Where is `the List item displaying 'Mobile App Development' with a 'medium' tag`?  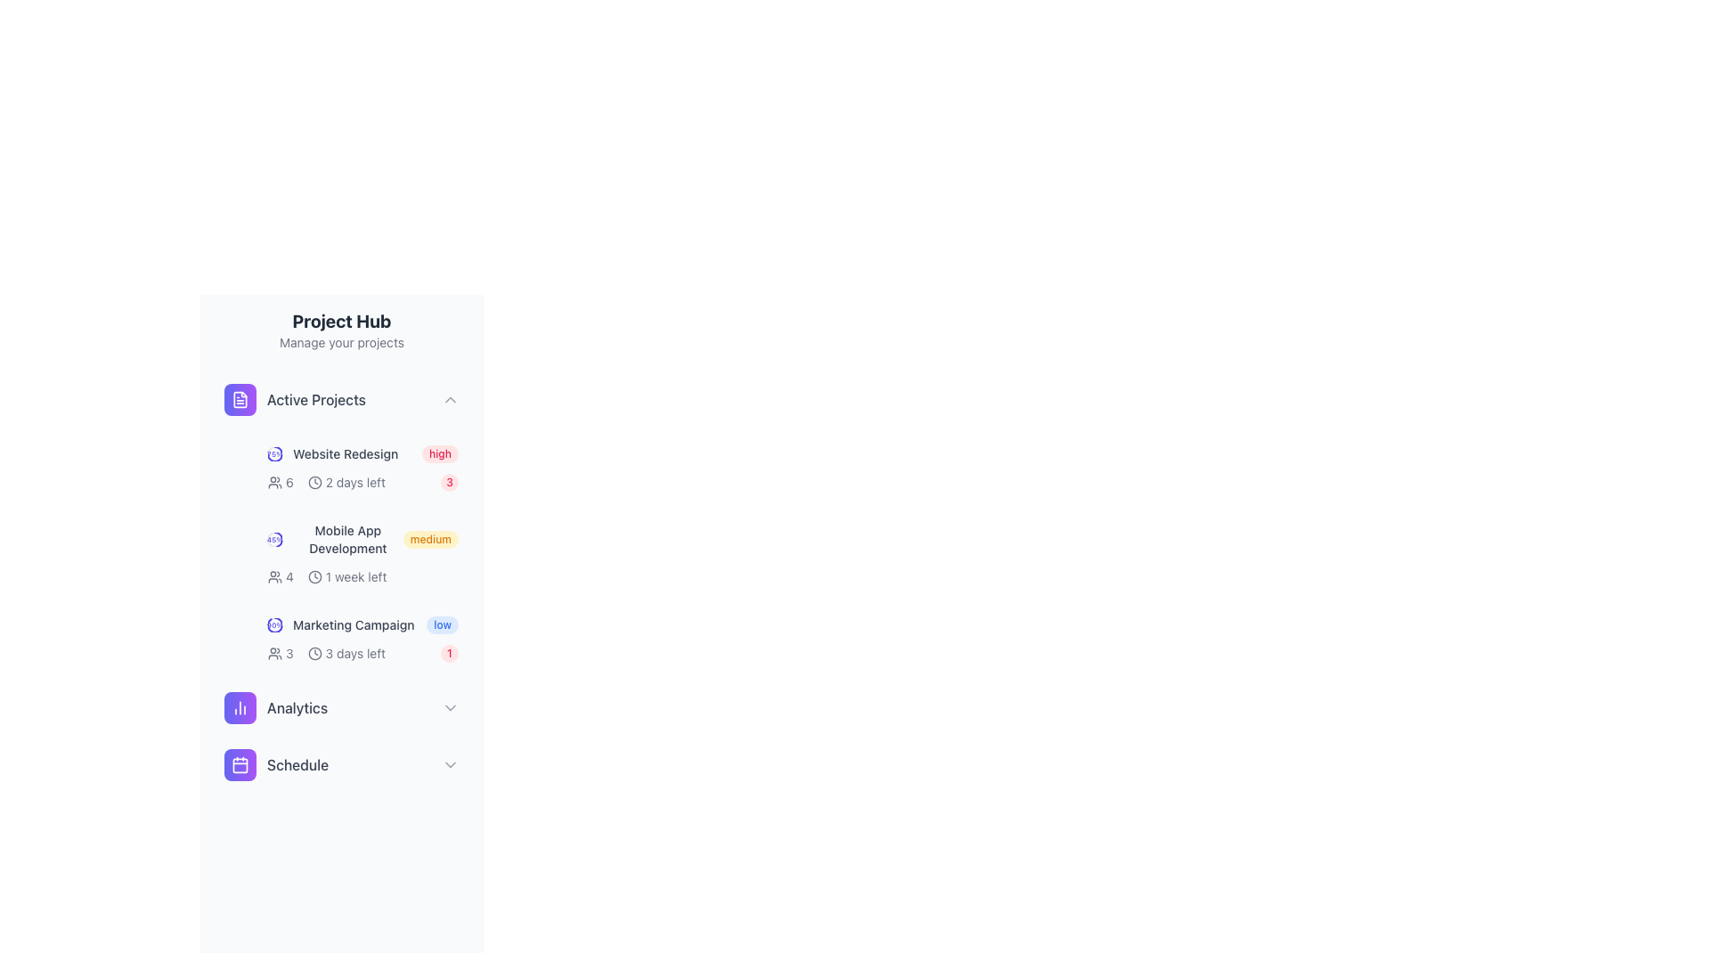
the List item displaying 'Mobile App Development' with a 'medium' tag is located at coordinates (362, 538).